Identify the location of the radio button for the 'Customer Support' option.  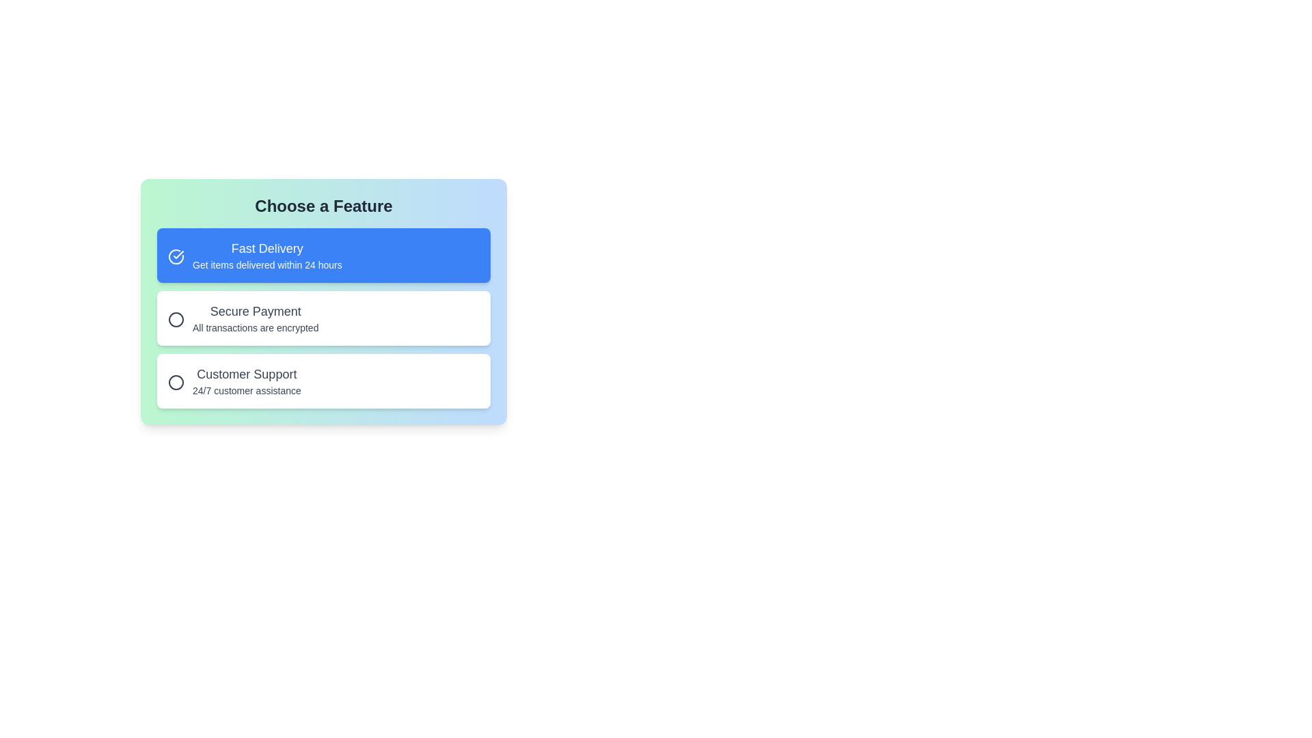
(174, 381).